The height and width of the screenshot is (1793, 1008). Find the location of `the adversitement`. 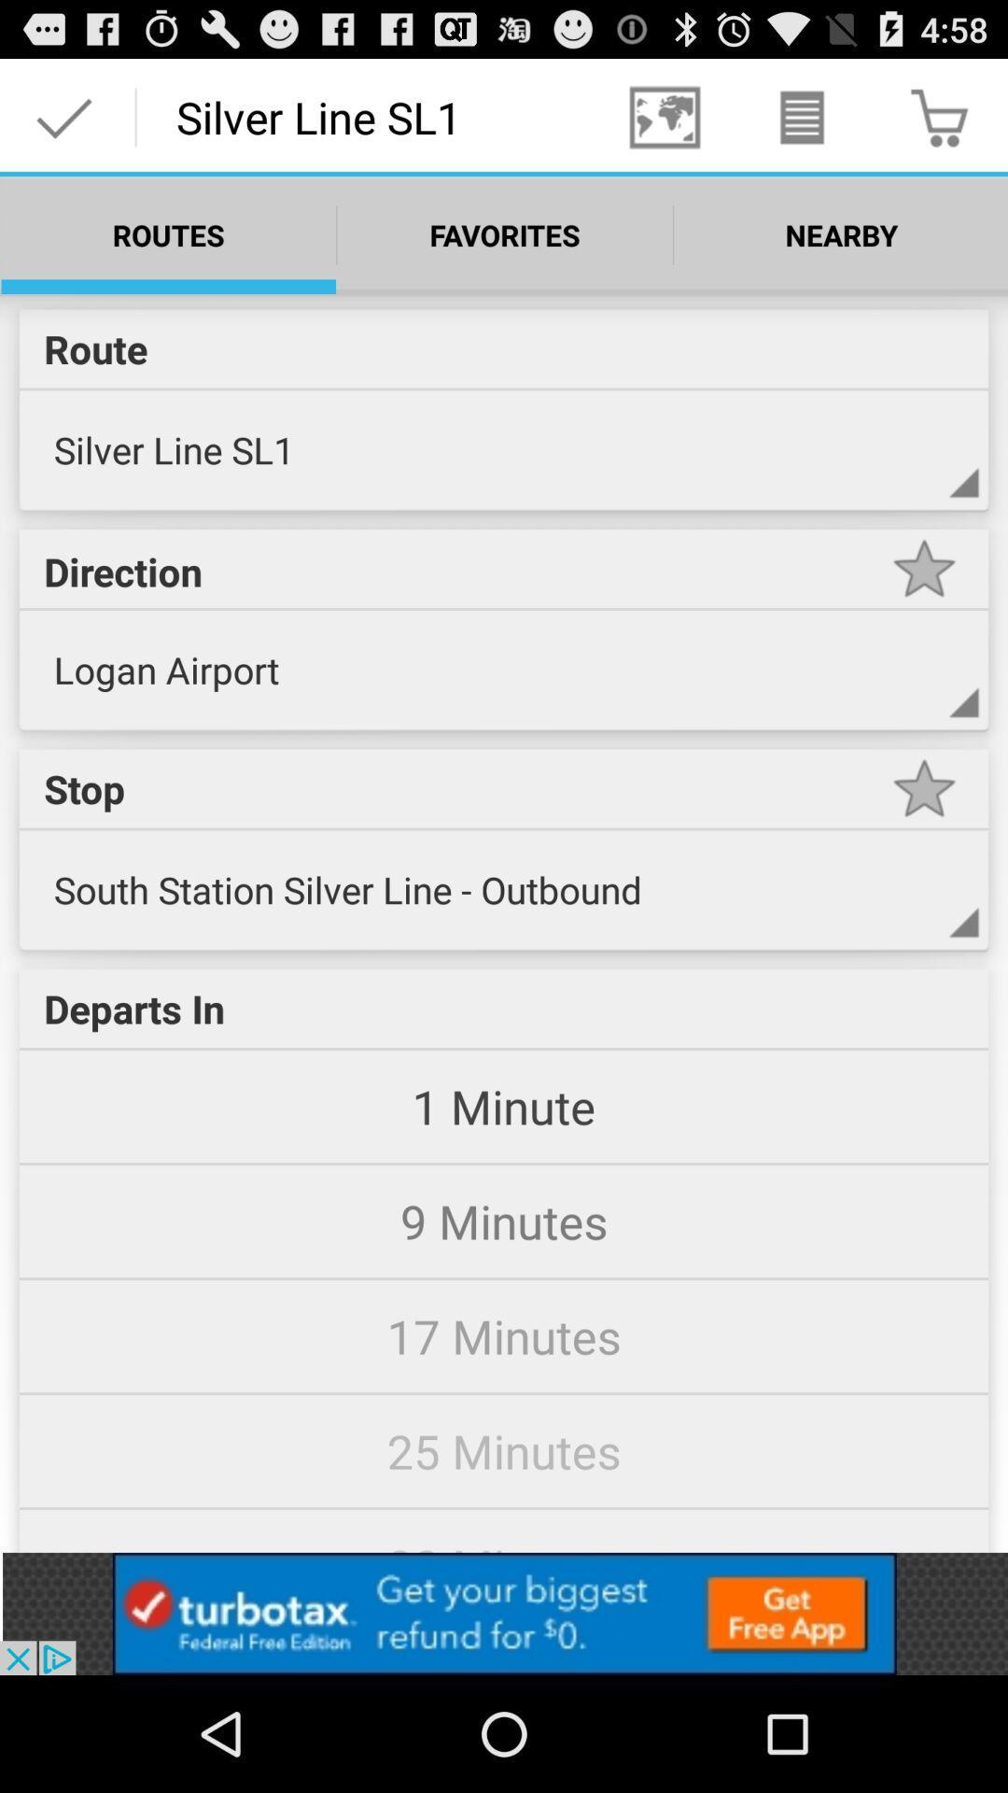

the adversitement is located at coordinates (504, 1613).